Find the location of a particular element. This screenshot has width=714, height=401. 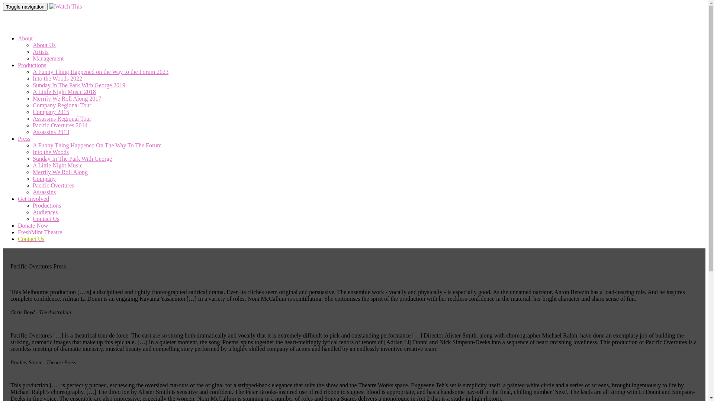

'Productions' is located at coordinates (32, 65).